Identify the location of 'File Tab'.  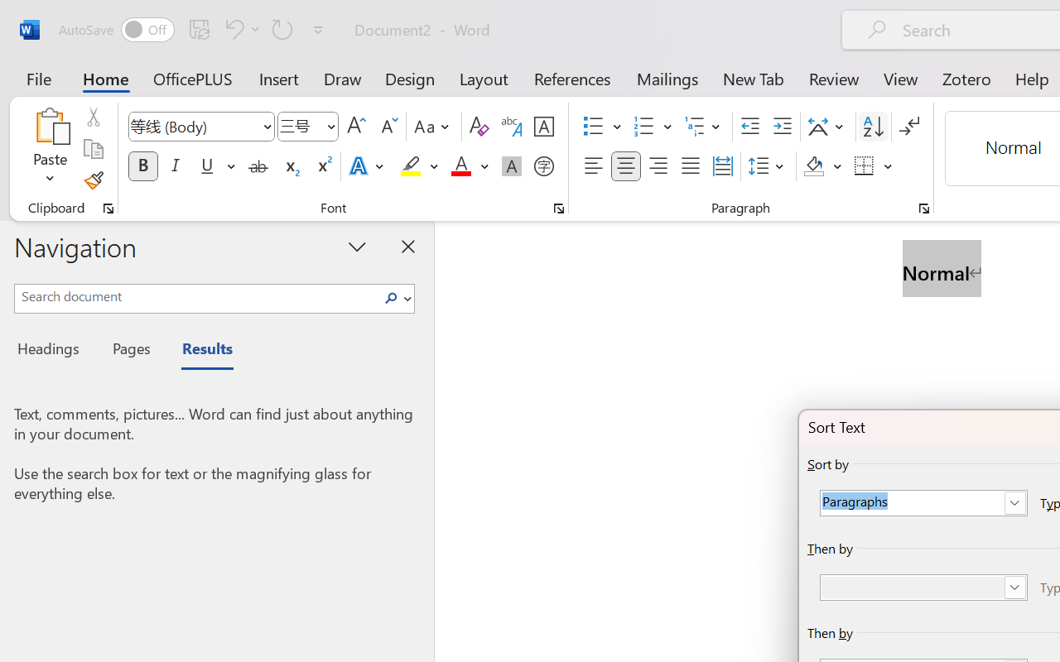
(38, 78).